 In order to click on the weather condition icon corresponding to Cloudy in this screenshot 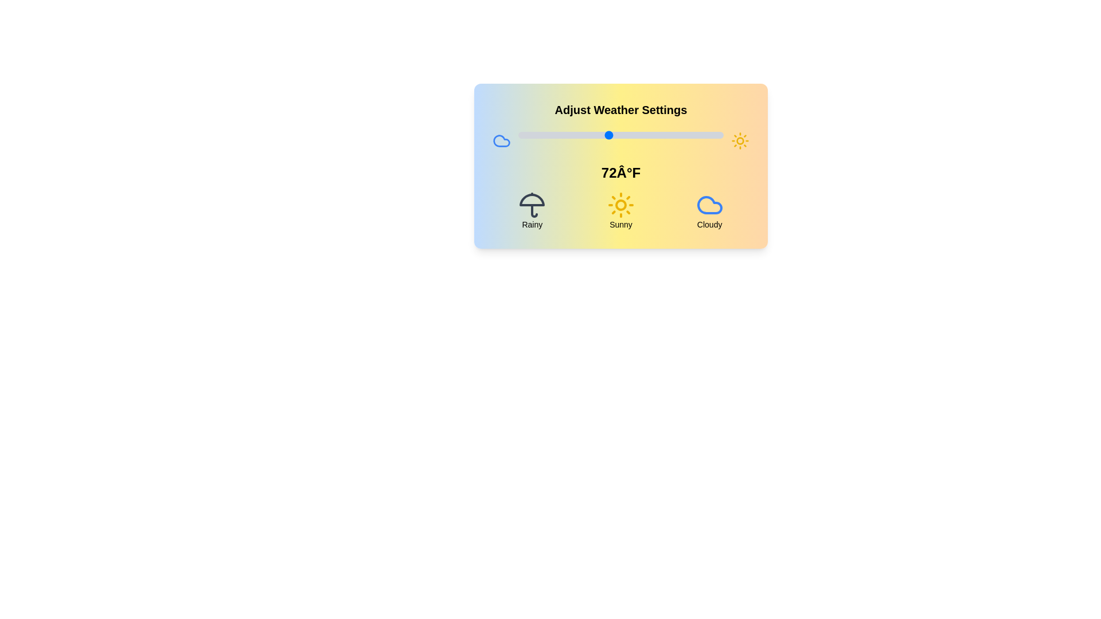, I will do `click(709, 205)`.